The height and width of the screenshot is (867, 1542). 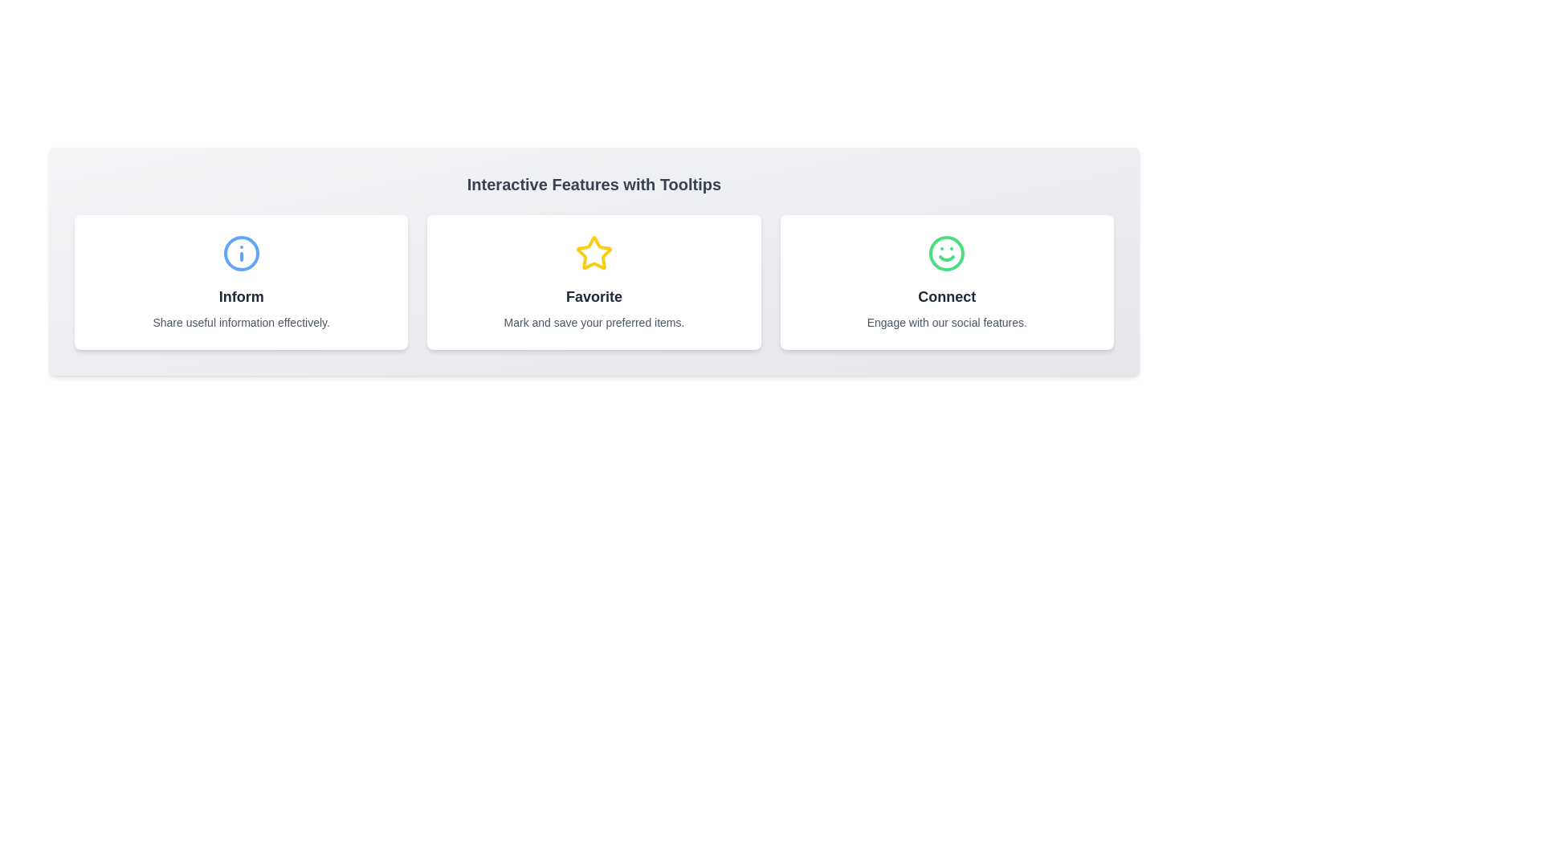 I want to click on the information icon displayed at the top-center of the 'Inform' card, which visually indicates that the card contains informative content, so click(x=240, y=253).